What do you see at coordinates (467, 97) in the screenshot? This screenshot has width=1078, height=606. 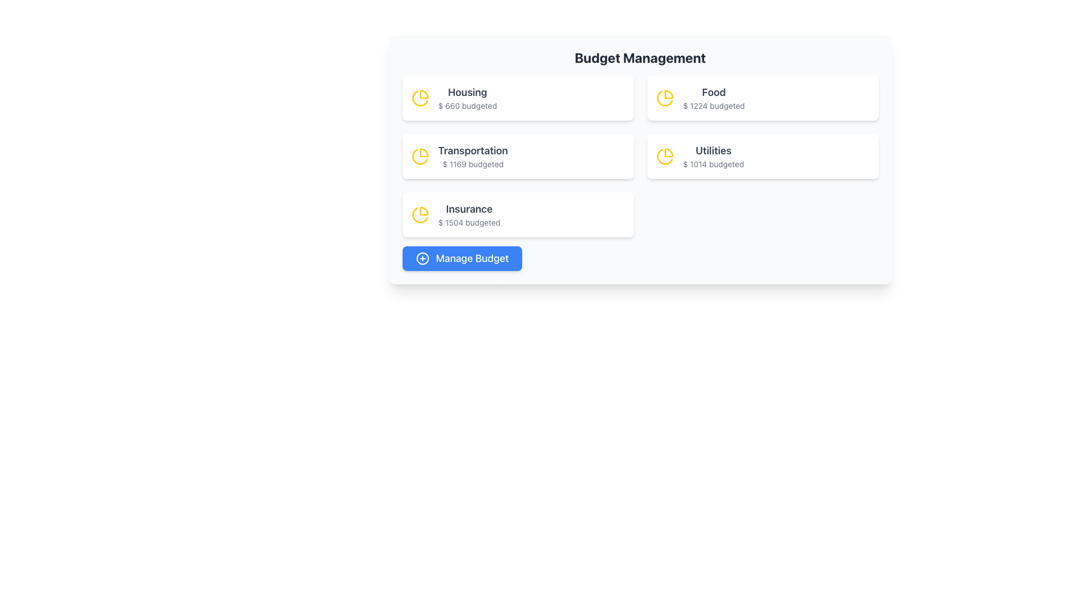 I see `the 'Housing' budget category label that displays the budgeted amount of '$660' within the first card of the budget management grid` at bounding box center [467, 97].